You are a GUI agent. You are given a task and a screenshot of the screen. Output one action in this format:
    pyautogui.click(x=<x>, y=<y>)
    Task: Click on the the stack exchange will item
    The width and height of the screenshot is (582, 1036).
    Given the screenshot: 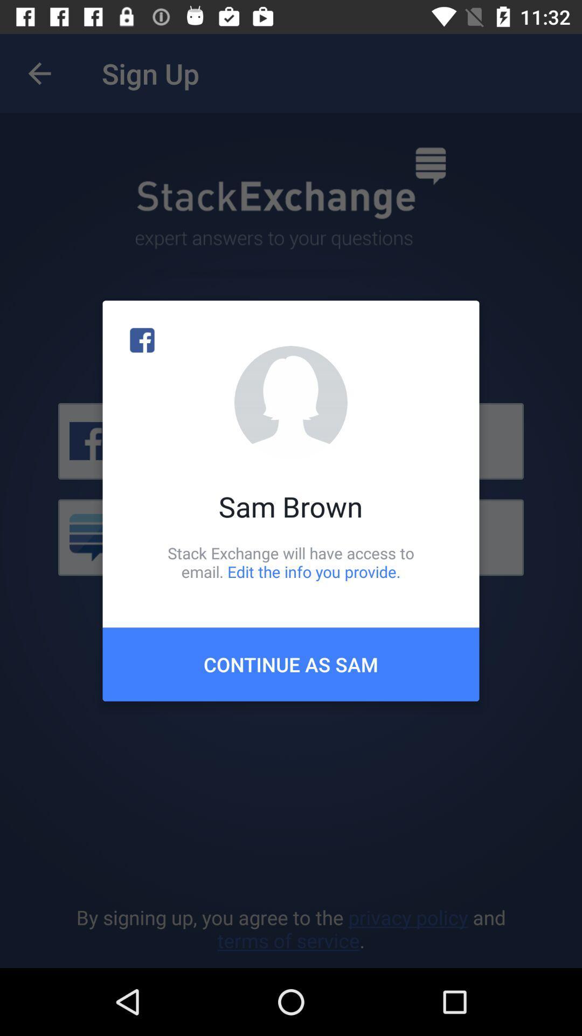 What is the action you would take?
    pyautogui.click(x=291, y=562)
    